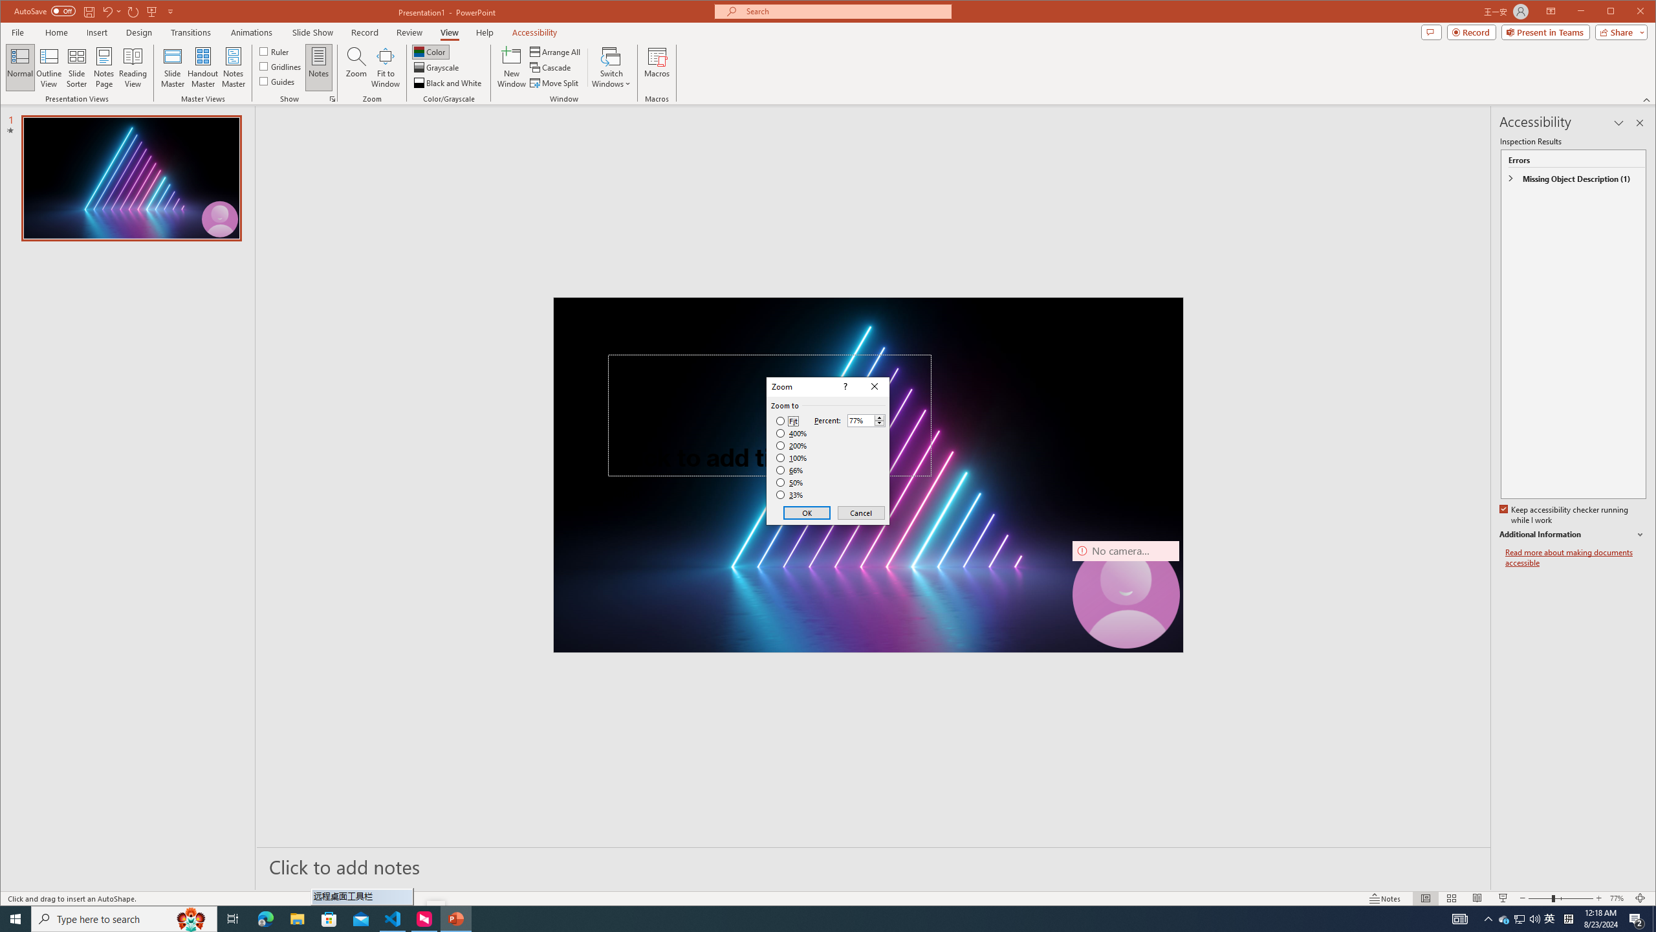 This screenshot has width=1656, height=932. I want to click on 'Additional Information', so click(1571, 535).